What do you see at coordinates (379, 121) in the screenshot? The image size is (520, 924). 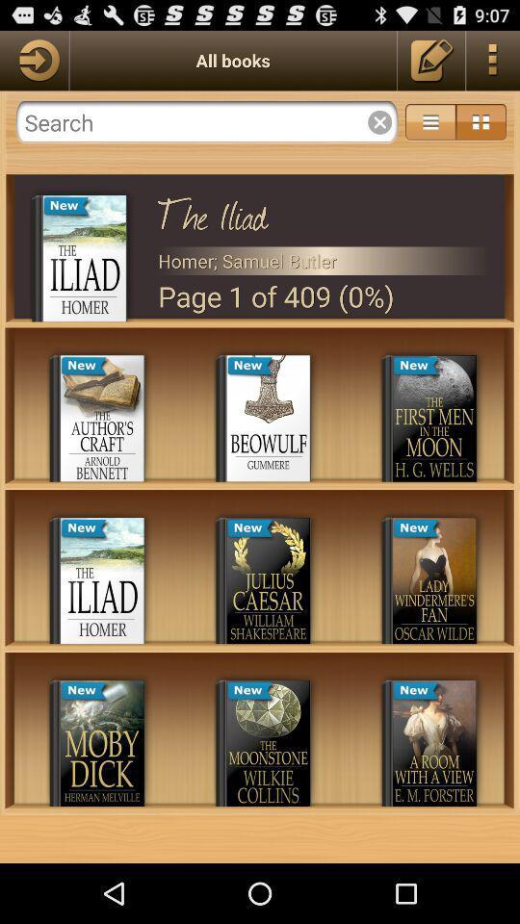 I see `clear search field button` at bounding box center [379, 121].